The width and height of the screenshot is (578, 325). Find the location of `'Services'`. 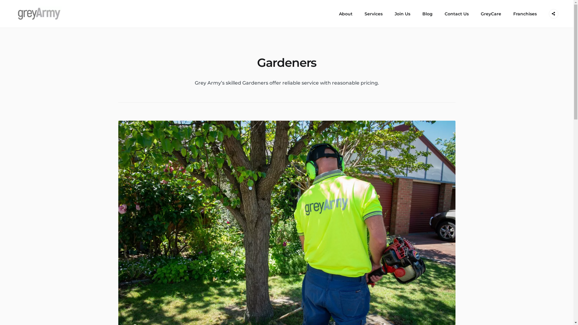

'Services' is located at coordinates (373, 14).